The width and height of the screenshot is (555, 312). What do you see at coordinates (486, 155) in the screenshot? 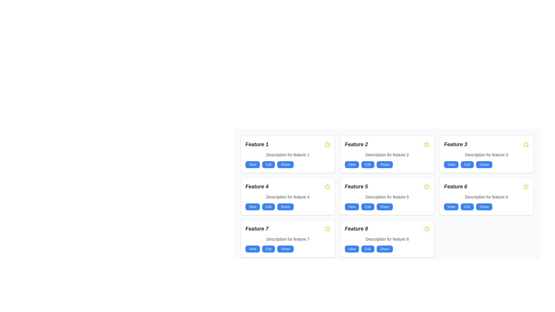
I see `the static text label providing additional details about feature 3, located in the third card titled 'Feature 3', positioned below the heading and above the action buttons` at bounding box center [486, 155].